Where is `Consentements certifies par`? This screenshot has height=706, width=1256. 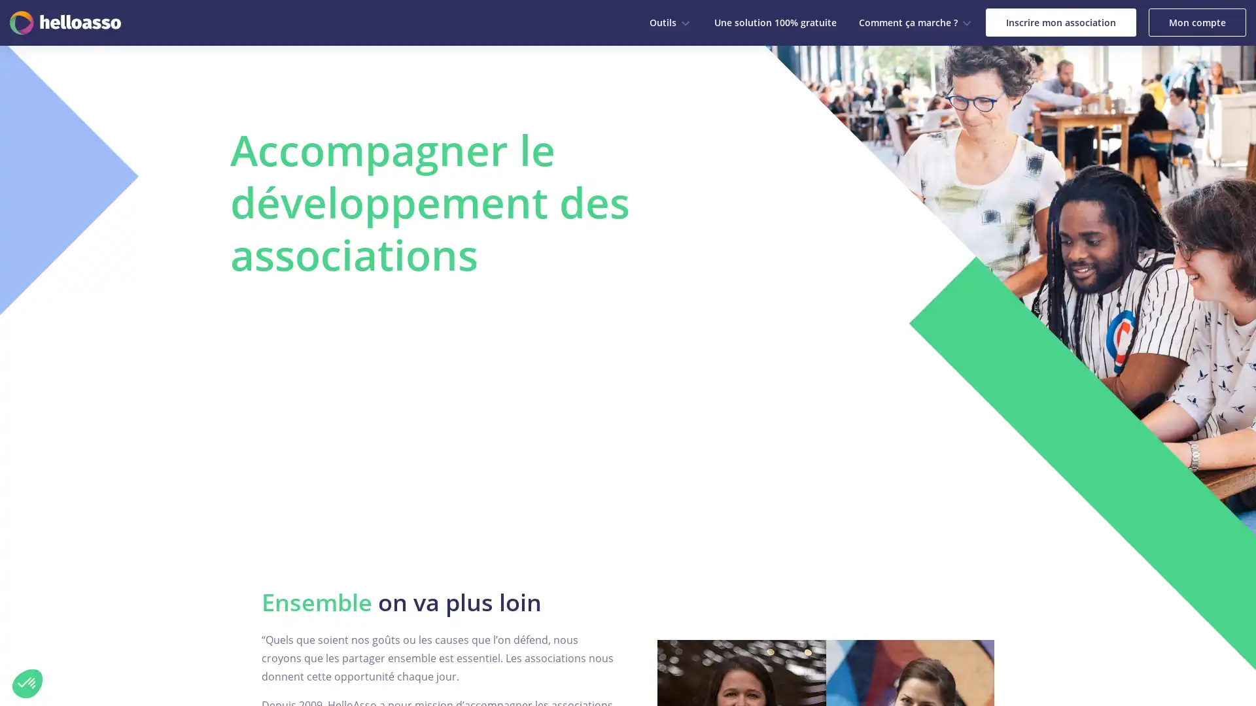
Consentements certifies par is located at coordinates (150, 617).